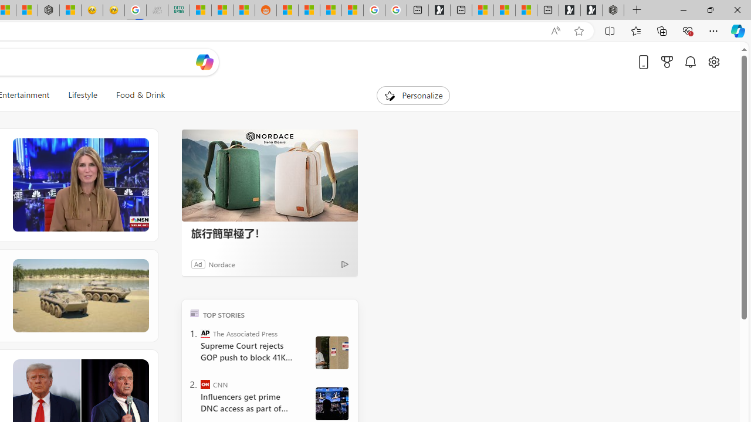  I want to click on 'Microsoft Start Gaming', so click(438, 10).